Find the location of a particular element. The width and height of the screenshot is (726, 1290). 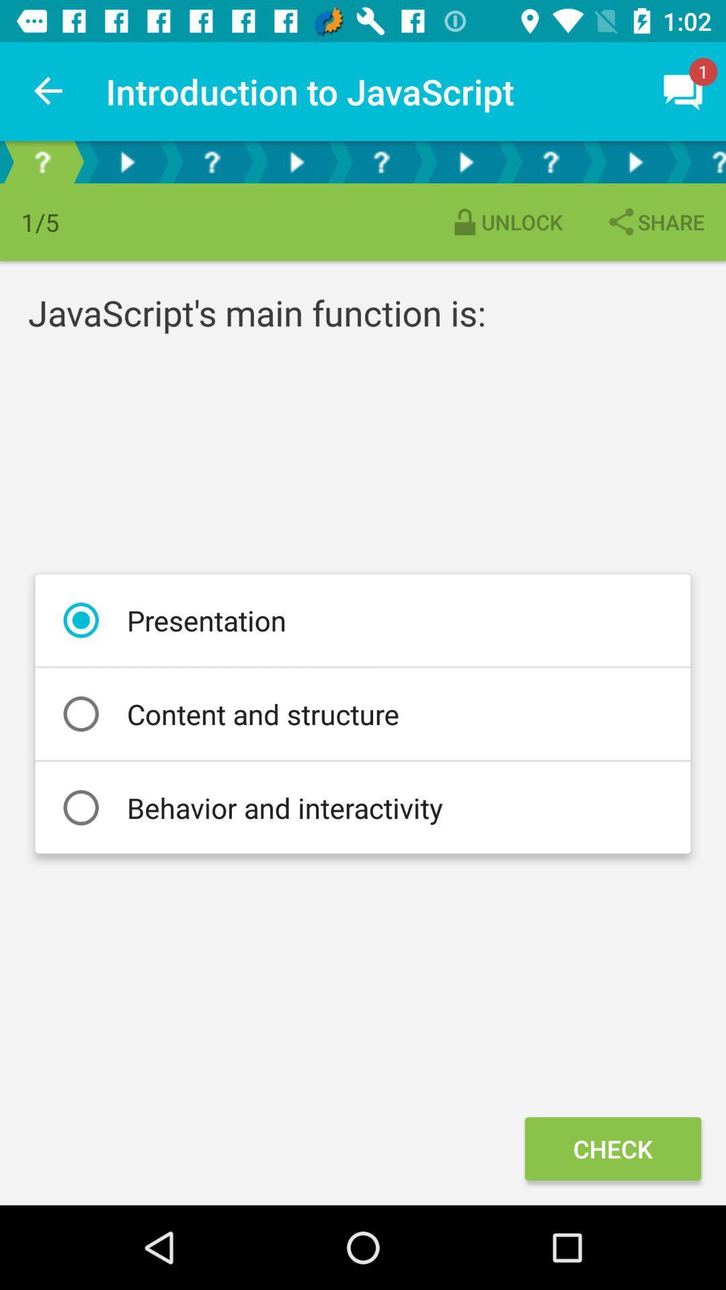

next question is located at coordinates (635, 161).